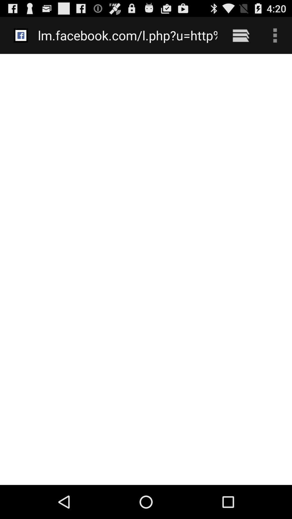  Describe the element at coordinates (241, 35) in the screenshot. I see `the item to the right of lm facebook com item` at that location.